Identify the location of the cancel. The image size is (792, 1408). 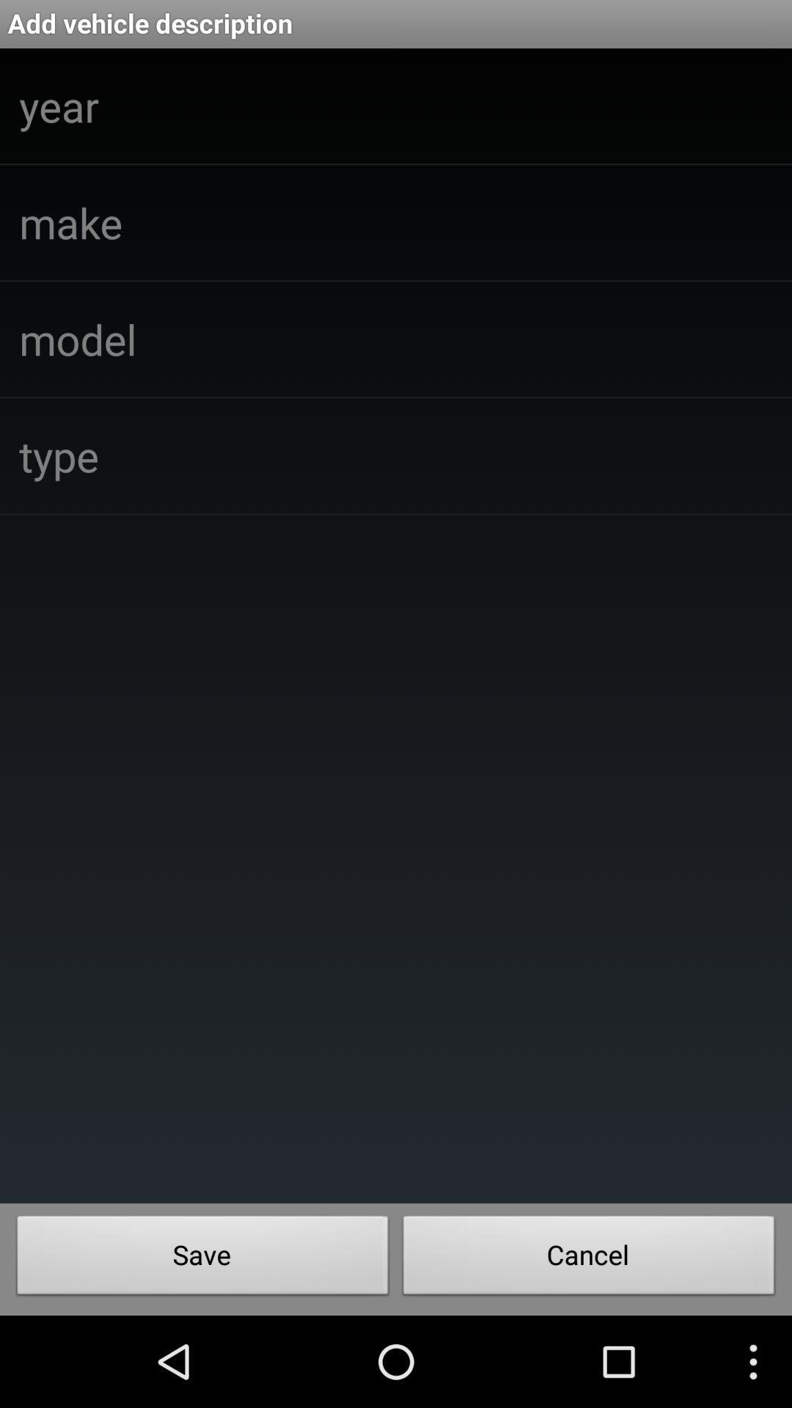
(588, 1258).